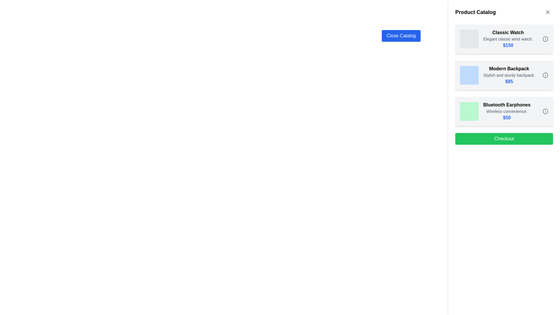 The height and width of the screenshot is (315, 560). Describe the element at coordinates (547, 12) in the screenshot. I see `the close button styled as a circular icon located at the top-right corner of the 'Product Catalog' section to dismiss the interface component` at that location.